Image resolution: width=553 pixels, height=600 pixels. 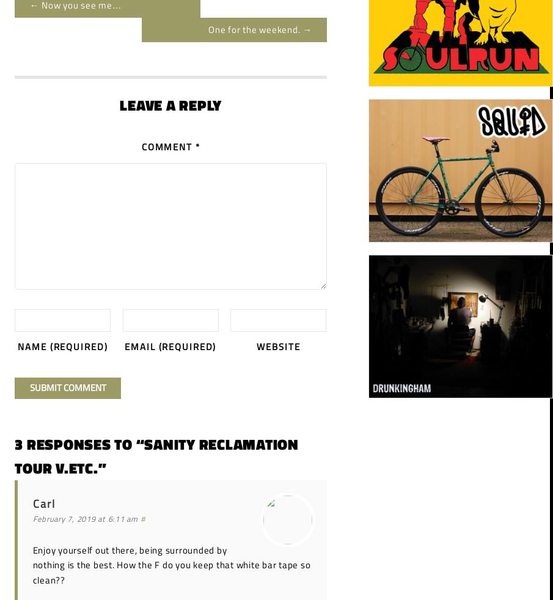 I want to click on '*', so click(x=196, y=146).